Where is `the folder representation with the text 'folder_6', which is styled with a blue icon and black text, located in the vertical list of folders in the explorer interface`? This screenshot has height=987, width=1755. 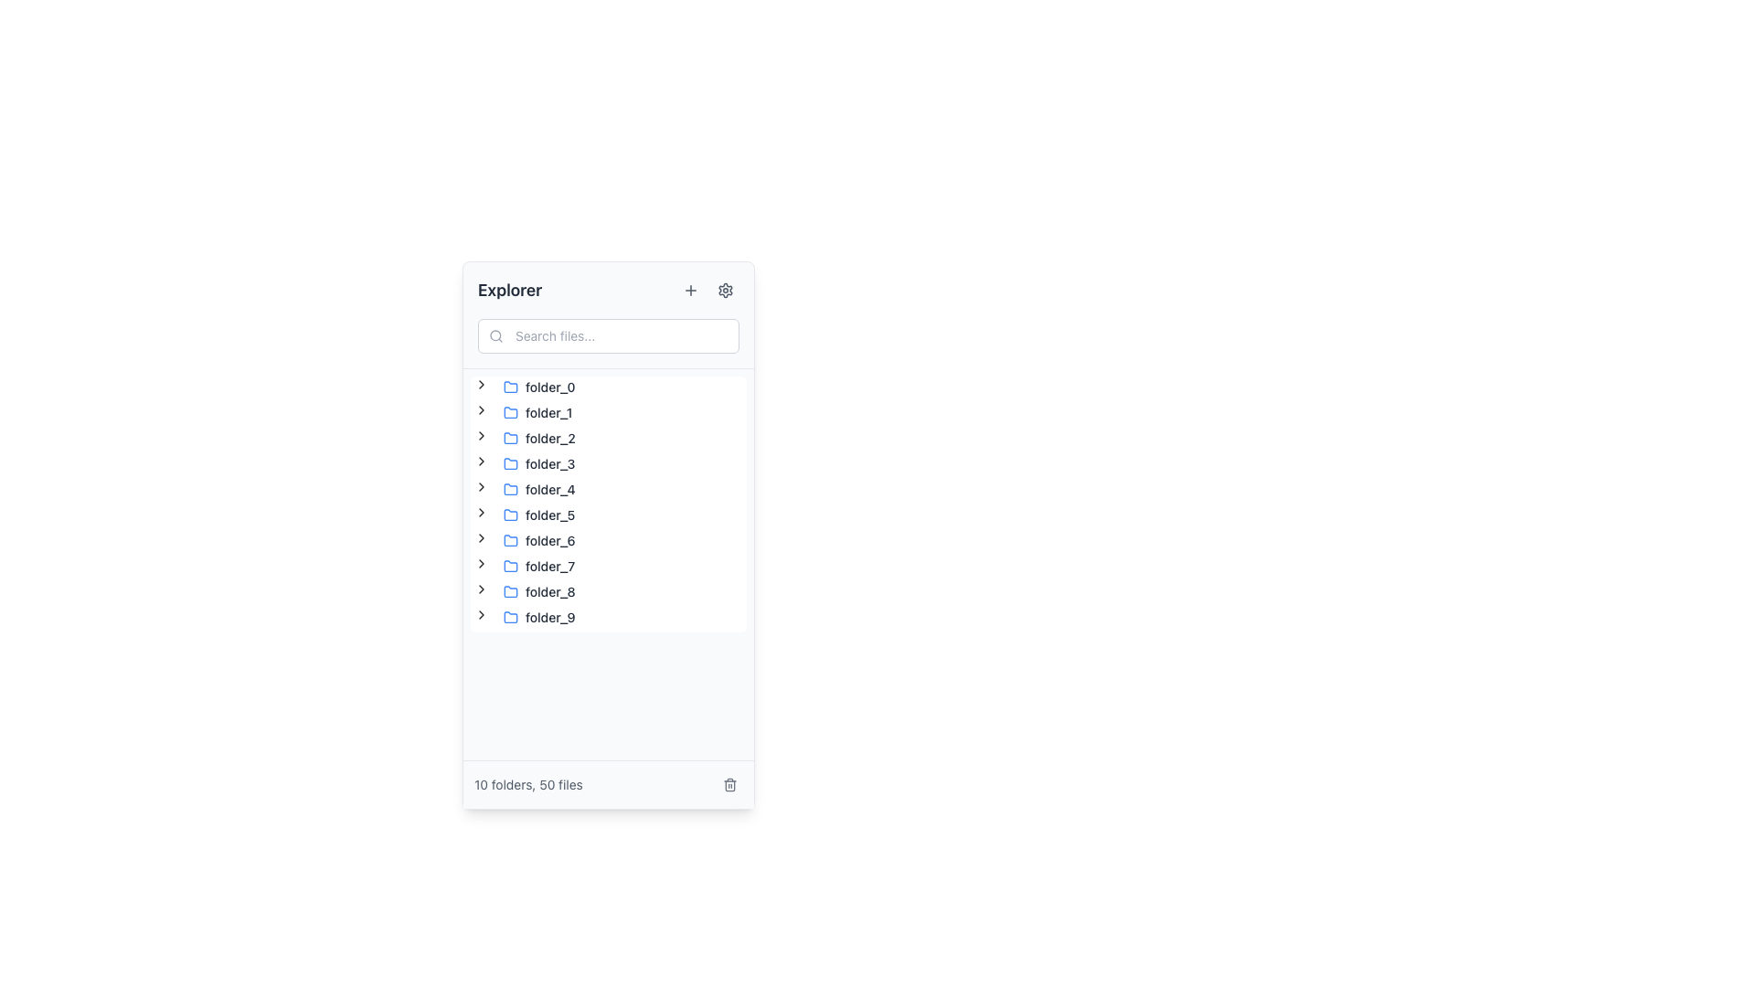
the folder representation with the text 'folder_6', which is styled with a blue icon and black text, located in the vertical list of folders in the explorer interface is located at coordinates (538, 539).